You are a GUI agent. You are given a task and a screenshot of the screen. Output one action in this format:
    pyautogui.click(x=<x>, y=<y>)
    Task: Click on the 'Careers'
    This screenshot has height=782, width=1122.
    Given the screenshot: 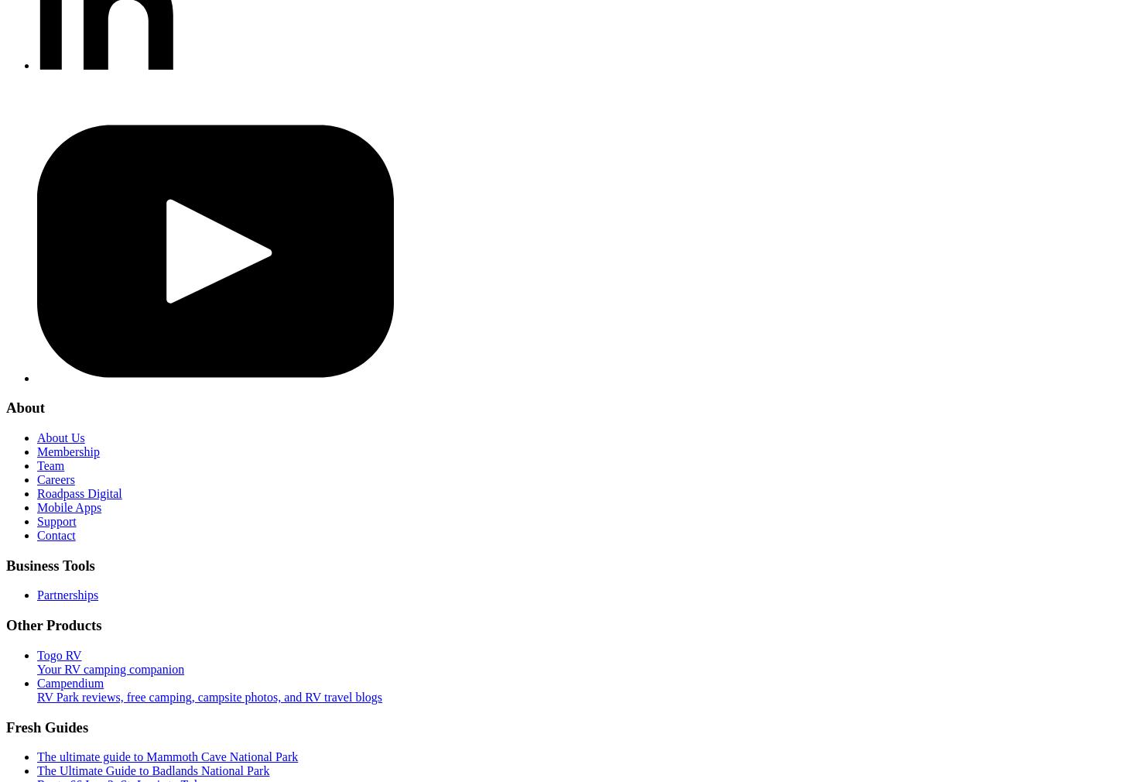 What is the action you would take?
    pyautogui.click(x=56, y=478)
    